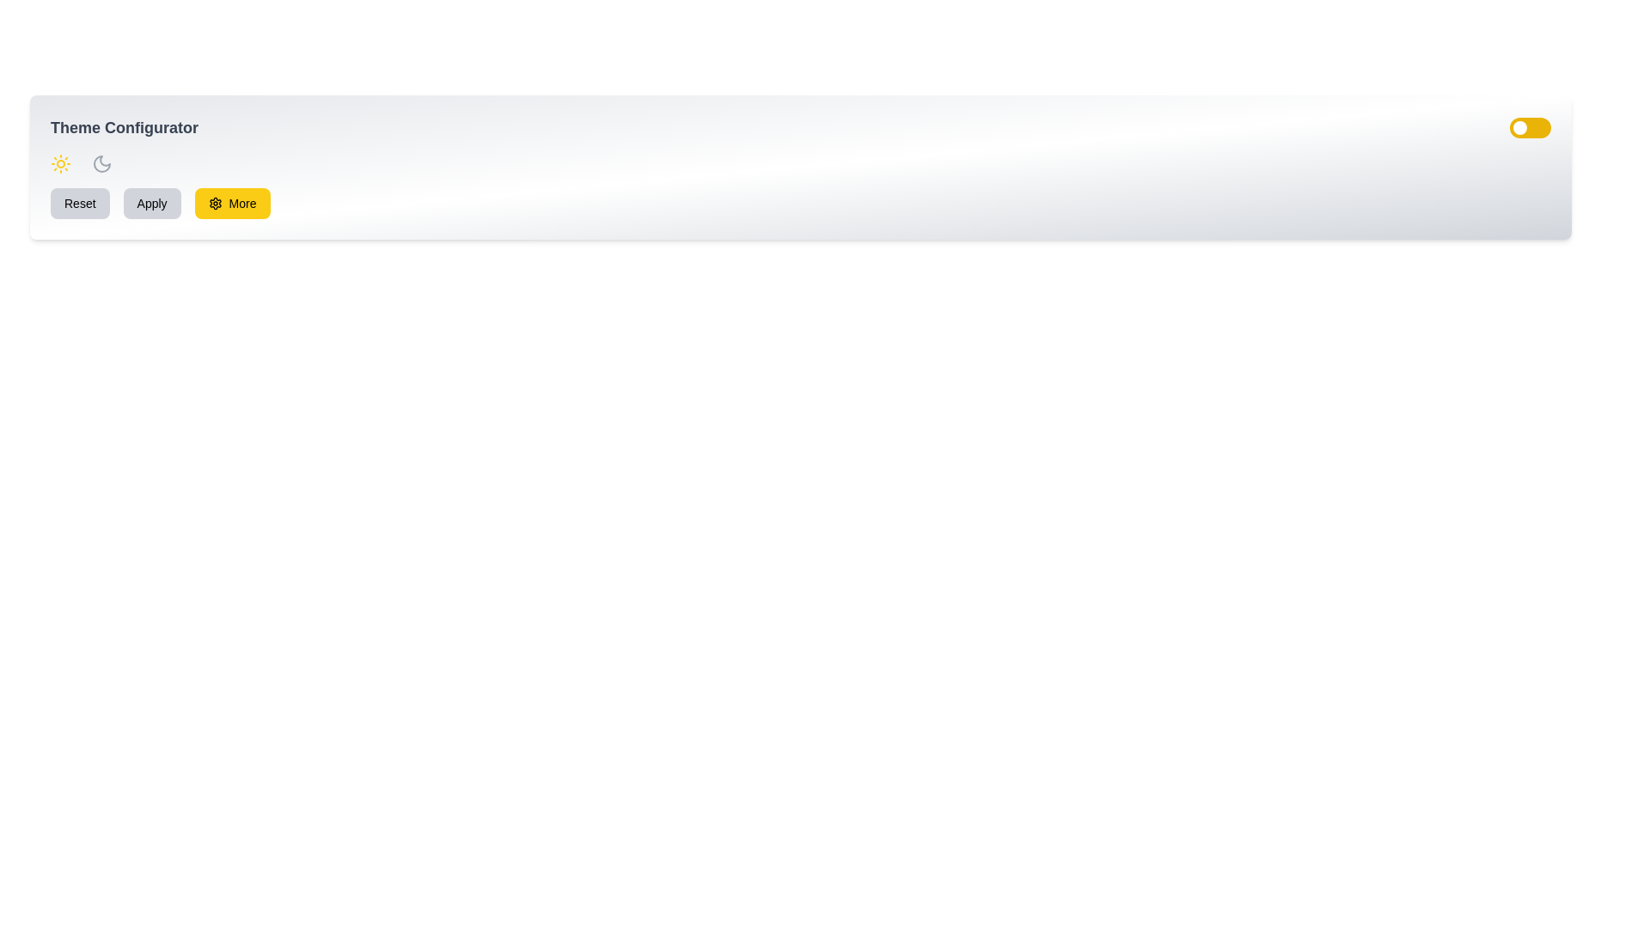 The width and height of the screenshot is (1650, 928). I want to click on the toggle switch, so click(1524, 127).